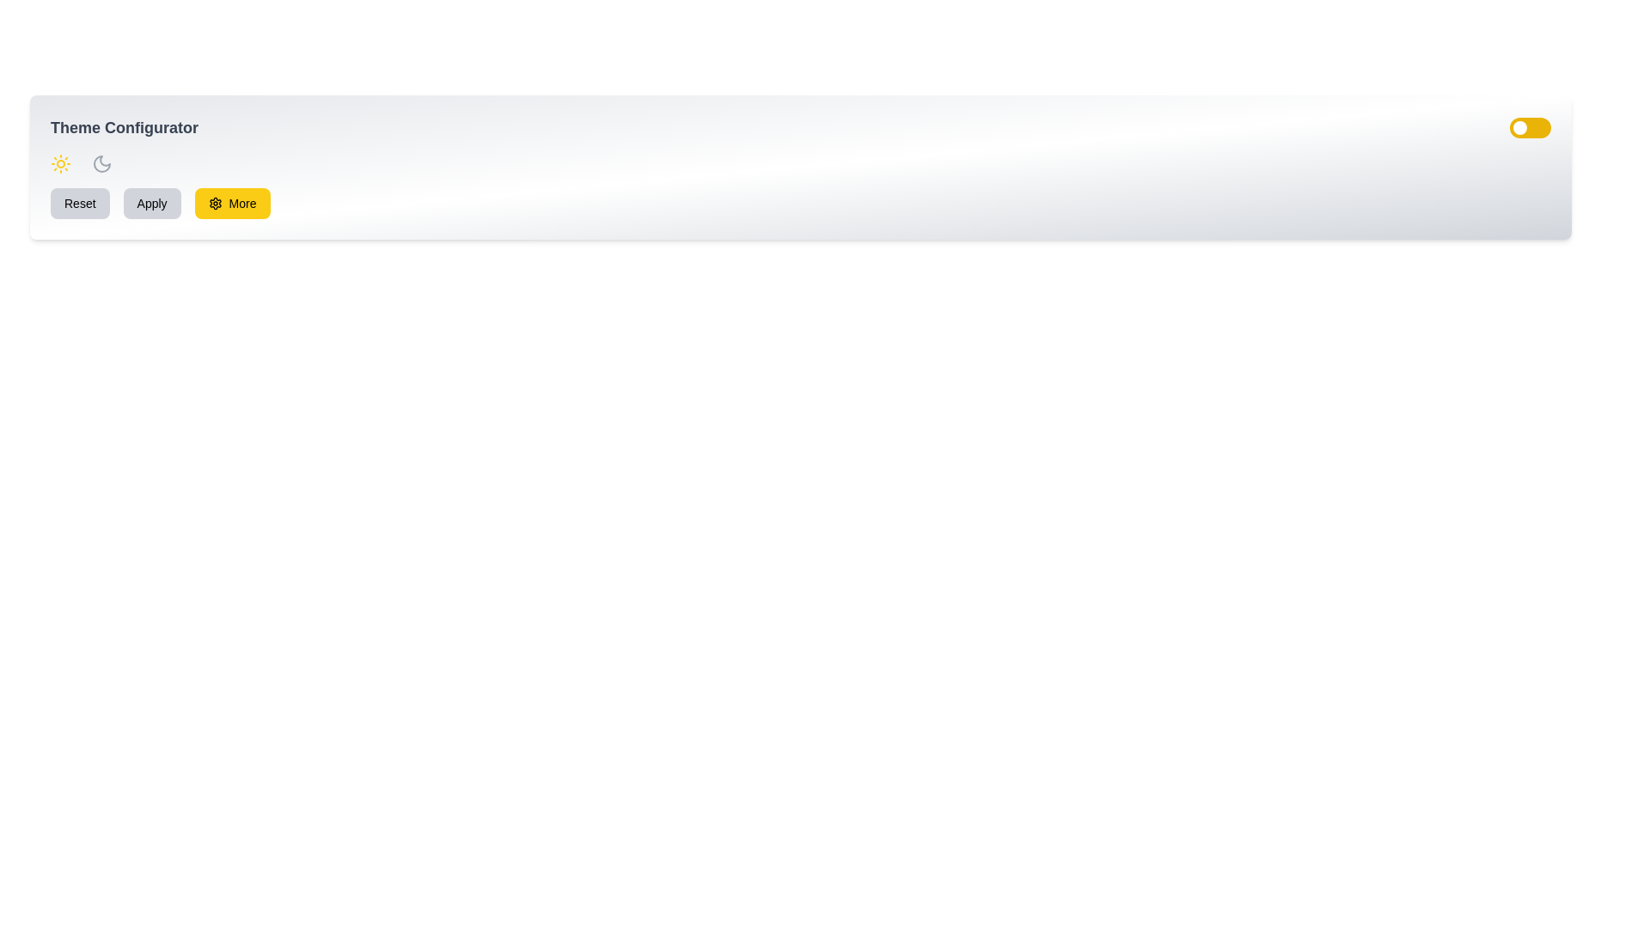 The width and height of the screenshot is (1650, 928). I want to click on the toggle switch, so click(1524, 127).